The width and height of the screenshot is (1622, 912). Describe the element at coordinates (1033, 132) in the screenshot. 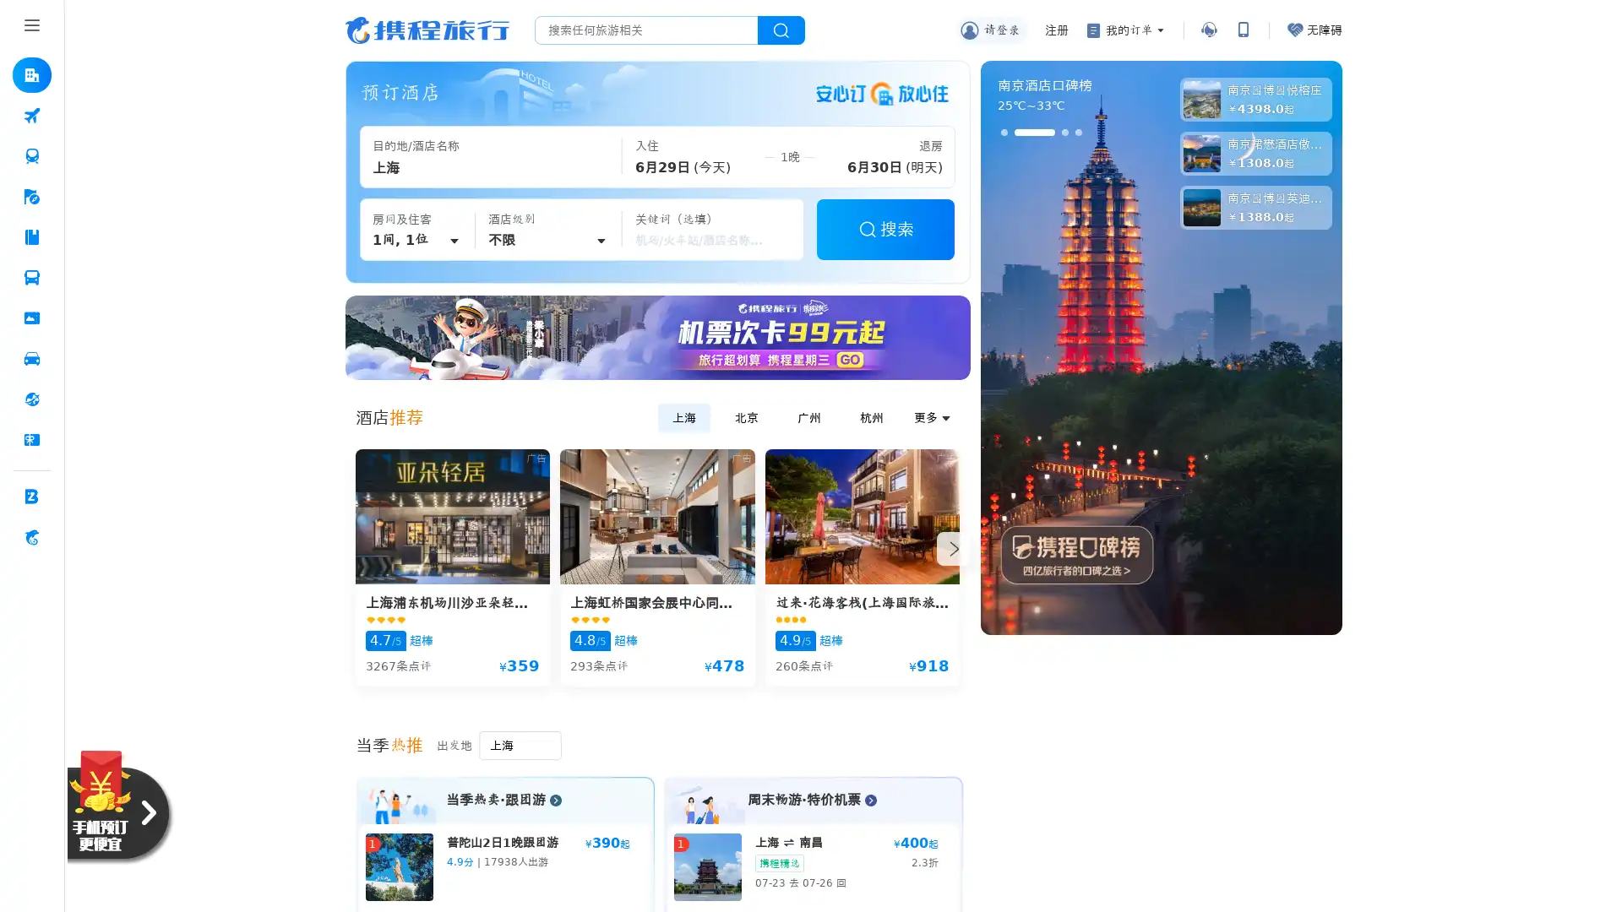

I see `Go to slide 2` at that location.